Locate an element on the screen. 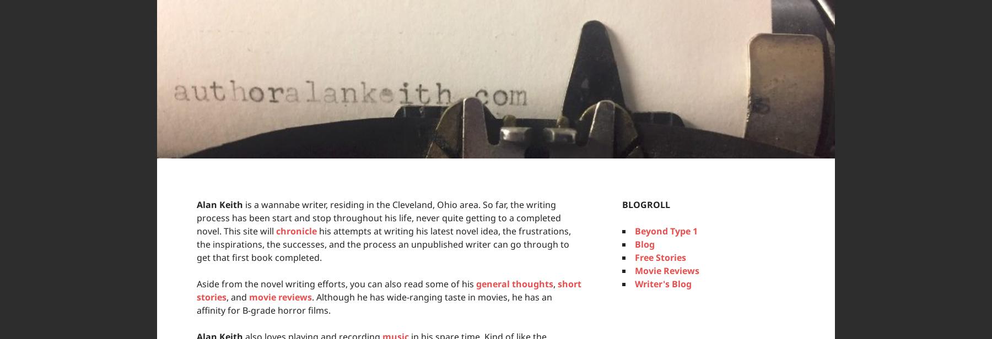  'short stories' is located at coordinates (388, 290).